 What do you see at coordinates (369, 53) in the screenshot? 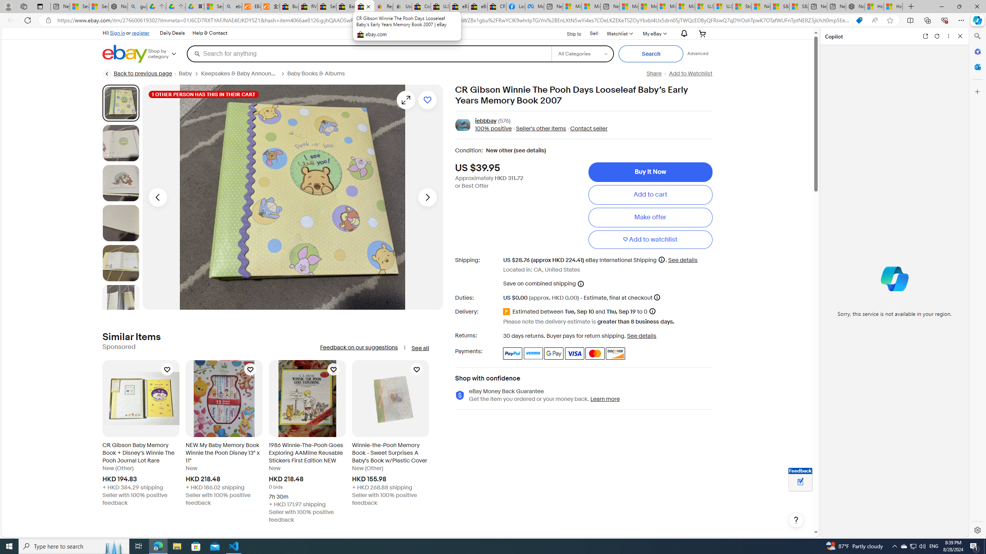
I see `'Search for anything'` at bounding box center [369, 53].